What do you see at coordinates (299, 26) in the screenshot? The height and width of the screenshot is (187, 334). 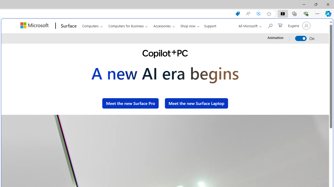 I see `'Account manager for Eugene'` at bounding box center [299, 26].